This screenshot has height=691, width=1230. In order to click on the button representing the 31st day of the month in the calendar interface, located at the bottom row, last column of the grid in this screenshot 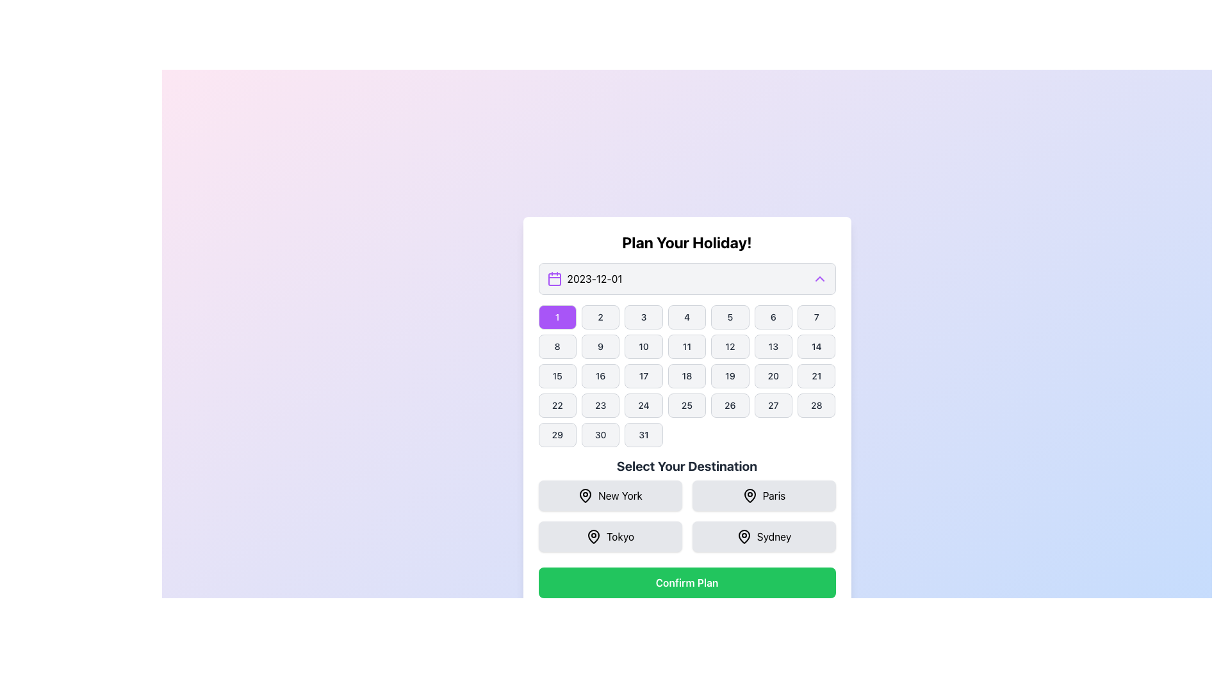, I will do `click(644, 434)`.